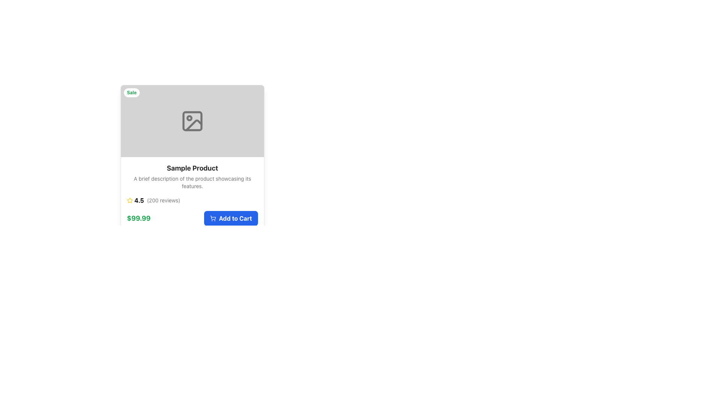 This screenshot has width=719, height=404. Describe the element at coordinates (212, 218) in the screenshot. I see `the shopping cart icon located to the left of the 'Add to Cart' button, which is styled in blue with rounded corners, near the bottom-right of the card layout` at that location.